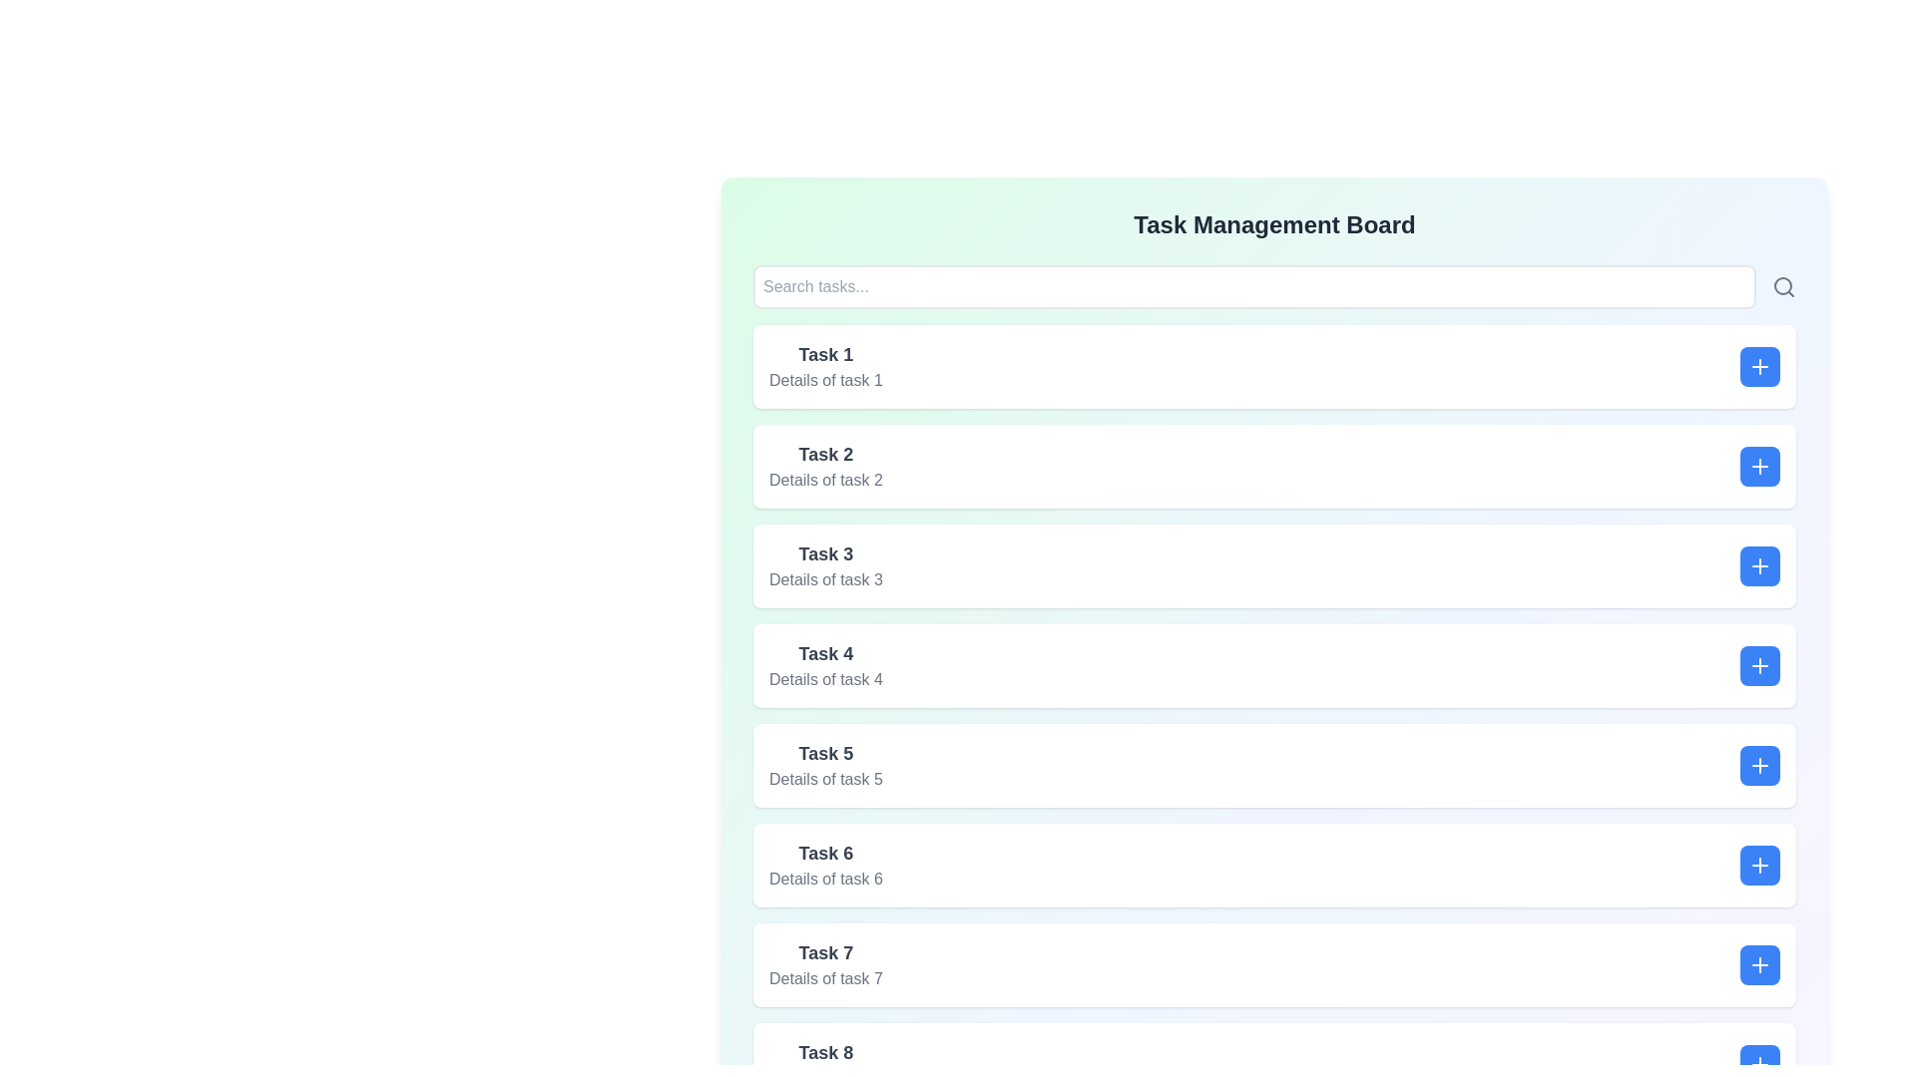 The width and height of the screenshot is (1916, 1077). What do you see at coordinates (1759, 366) in the screenshot?
I see `the minus button of the currently selected task to deselect it` at bounding box center [1759, 366].